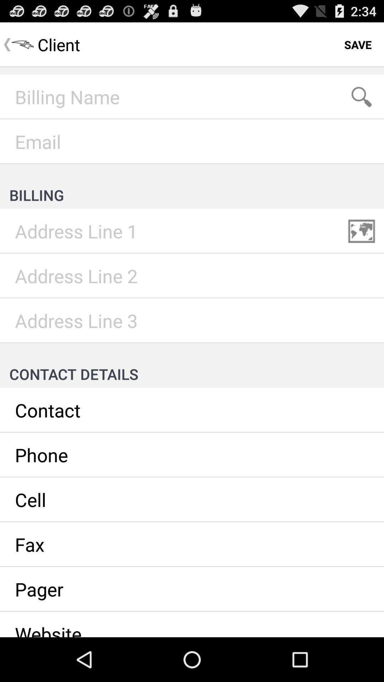 This screenshot has height=682, width=384. Describe the element at coordinates (358, 44) in the screenshot. I see `the item next to client` at that location.